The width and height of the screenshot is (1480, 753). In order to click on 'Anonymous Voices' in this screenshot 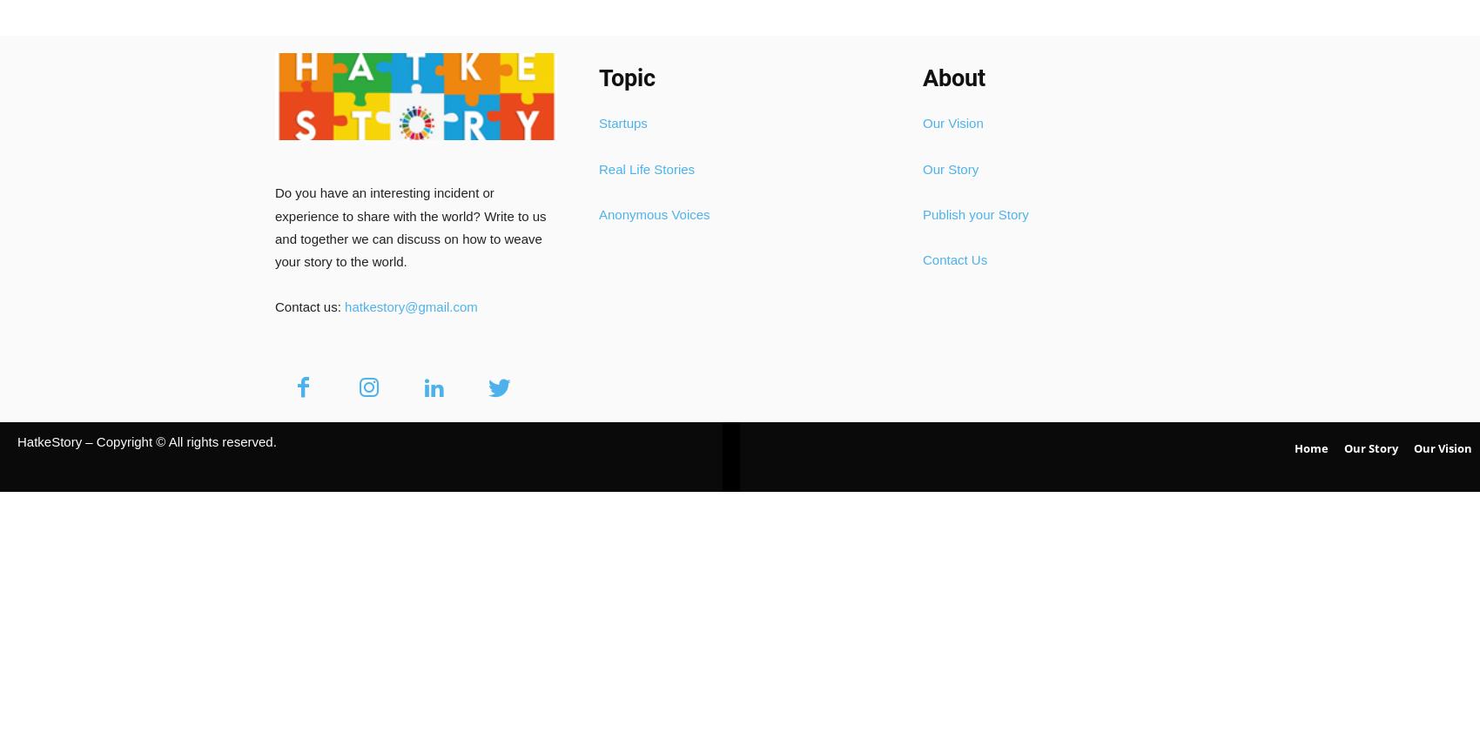, I will do `click(653, 212)`.